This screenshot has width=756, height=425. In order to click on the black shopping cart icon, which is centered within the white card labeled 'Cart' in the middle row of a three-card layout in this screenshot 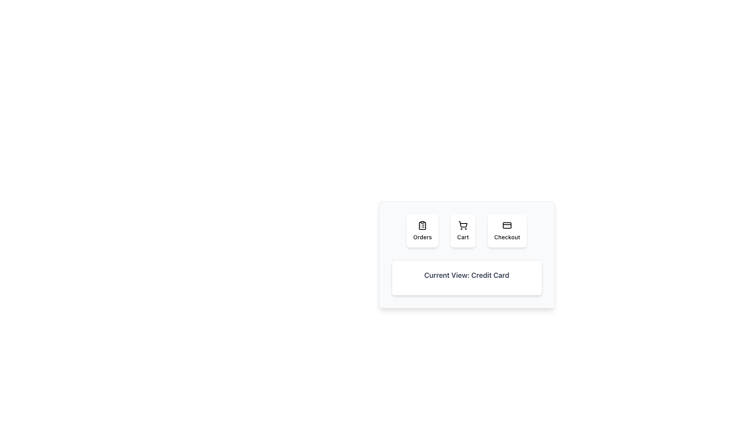, I will do `click(463, 225)`.